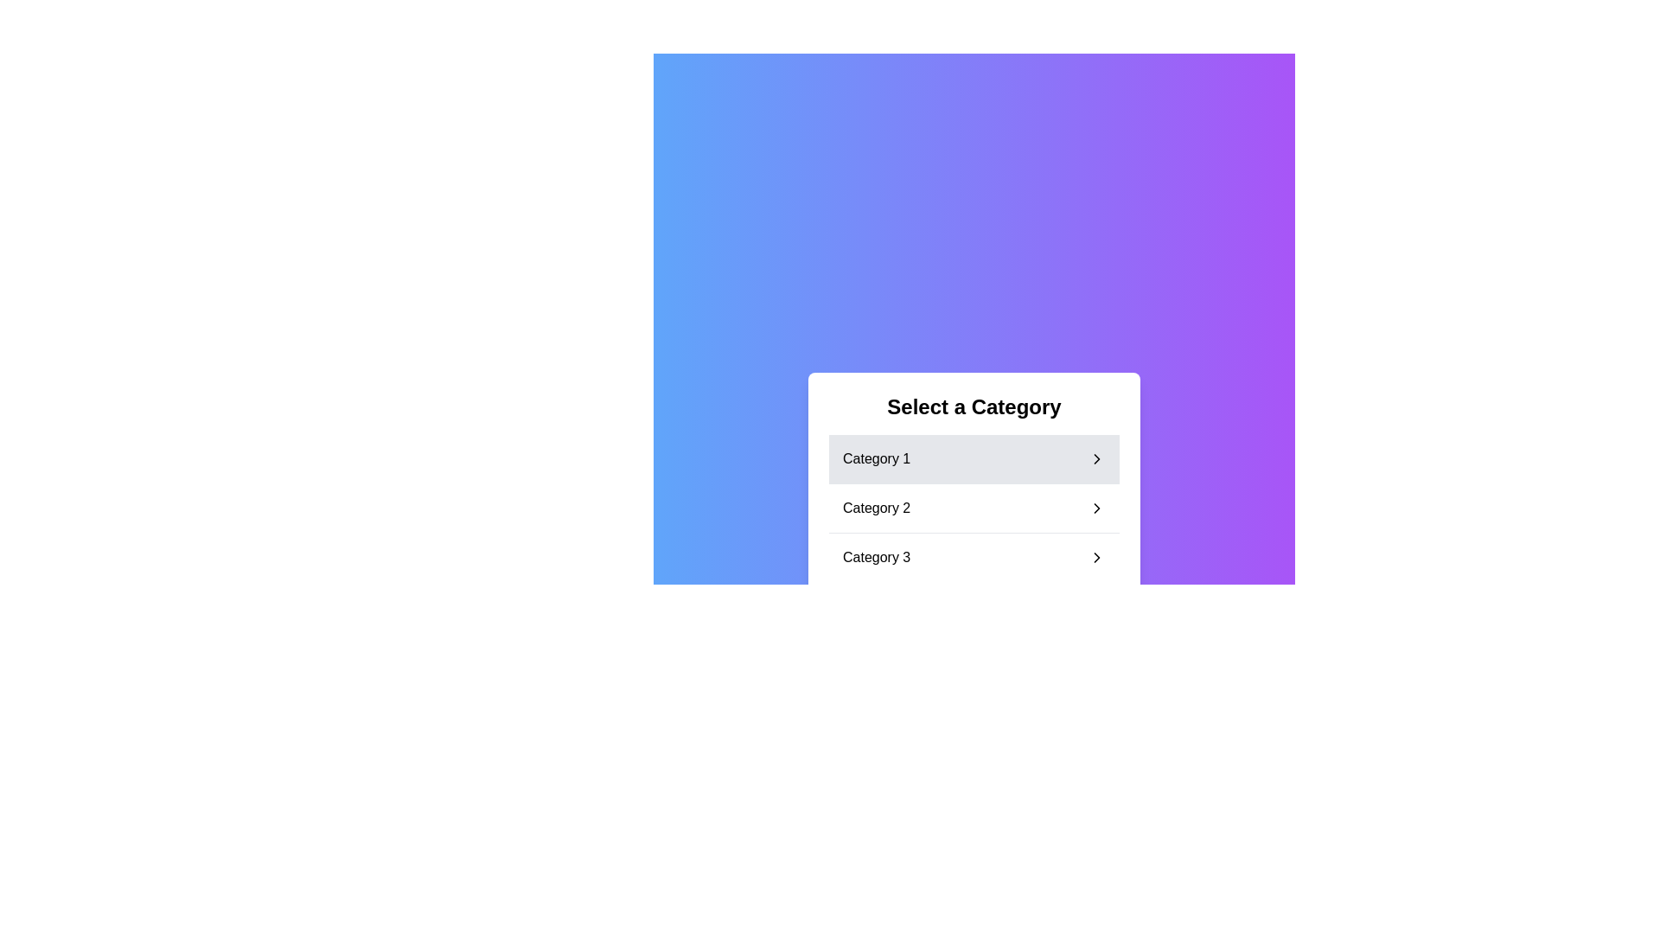 Image resolution: width=1660 pixels, height=934 pixels. What do you see at coordinates (974, 507) in the screenshot?
I see `the second item in the vertical list of categories labeled 'Category 2'` at bounding box center [974, 507].